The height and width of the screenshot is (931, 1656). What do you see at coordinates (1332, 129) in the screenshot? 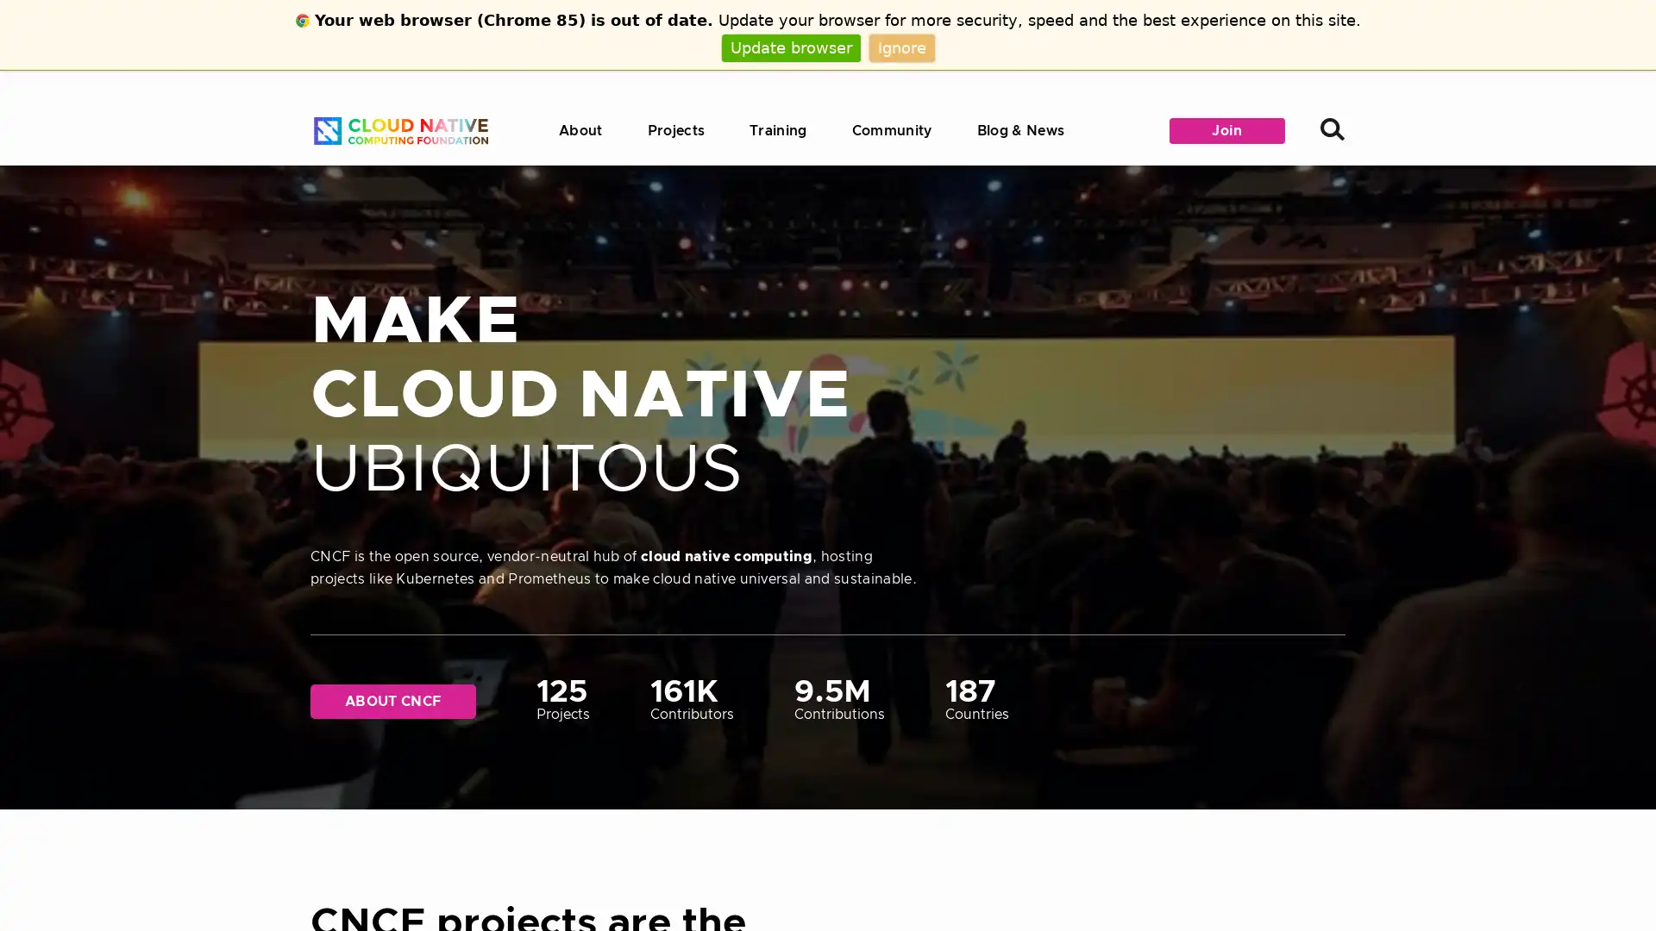
I see `Search` at bounding box center [1332, 129].